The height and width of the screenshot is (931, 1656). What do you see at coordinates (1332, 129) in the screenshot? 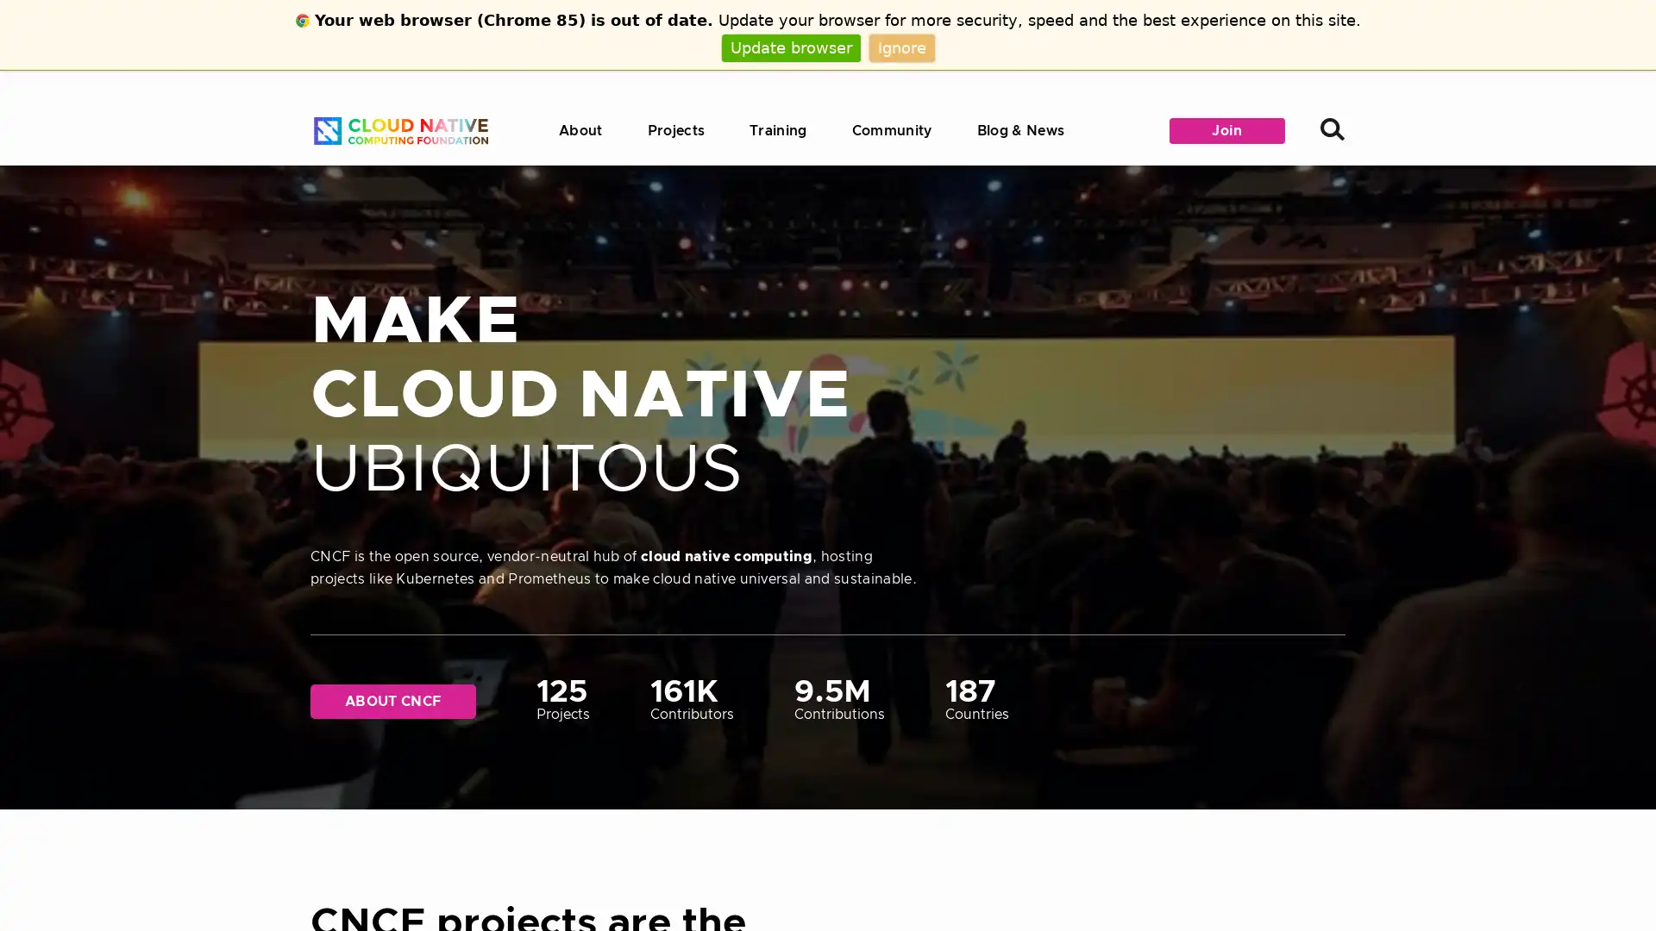
I see `Search` at bounding box center [1332, 129].